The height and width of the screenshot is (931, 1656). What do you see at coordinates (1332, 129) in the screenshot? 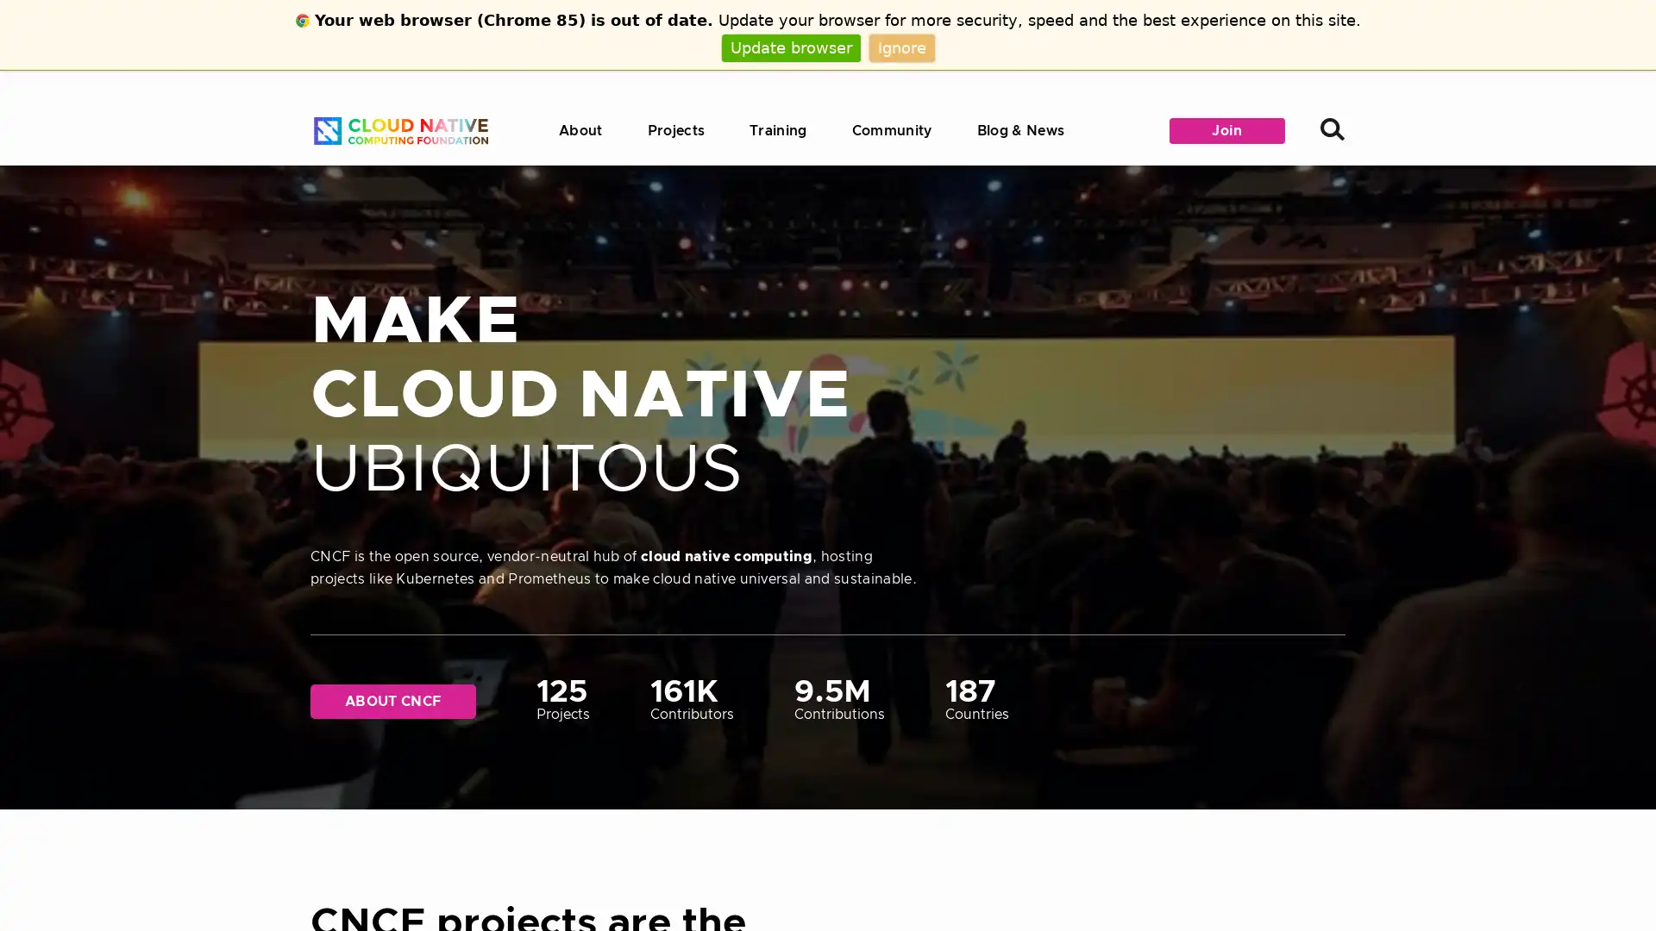
I see `Search` at bounding box center [1332, 129].